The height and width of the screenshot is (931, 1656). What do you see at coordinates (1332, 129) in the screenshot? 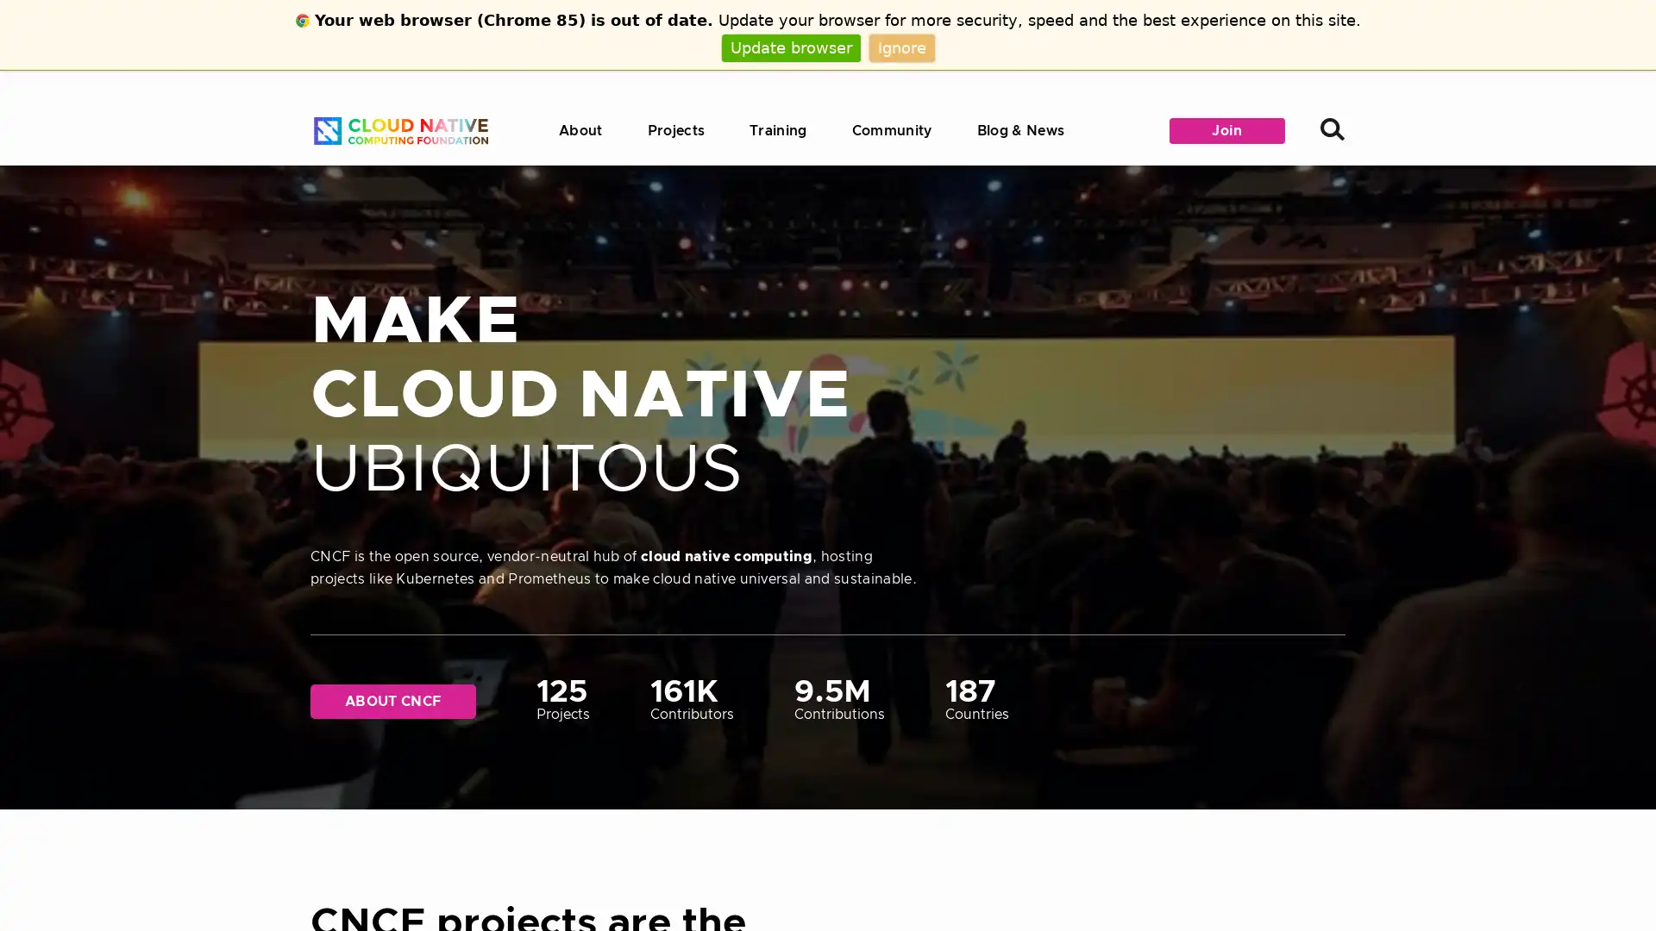
I see `Search` at bounding box center [1332, 129].